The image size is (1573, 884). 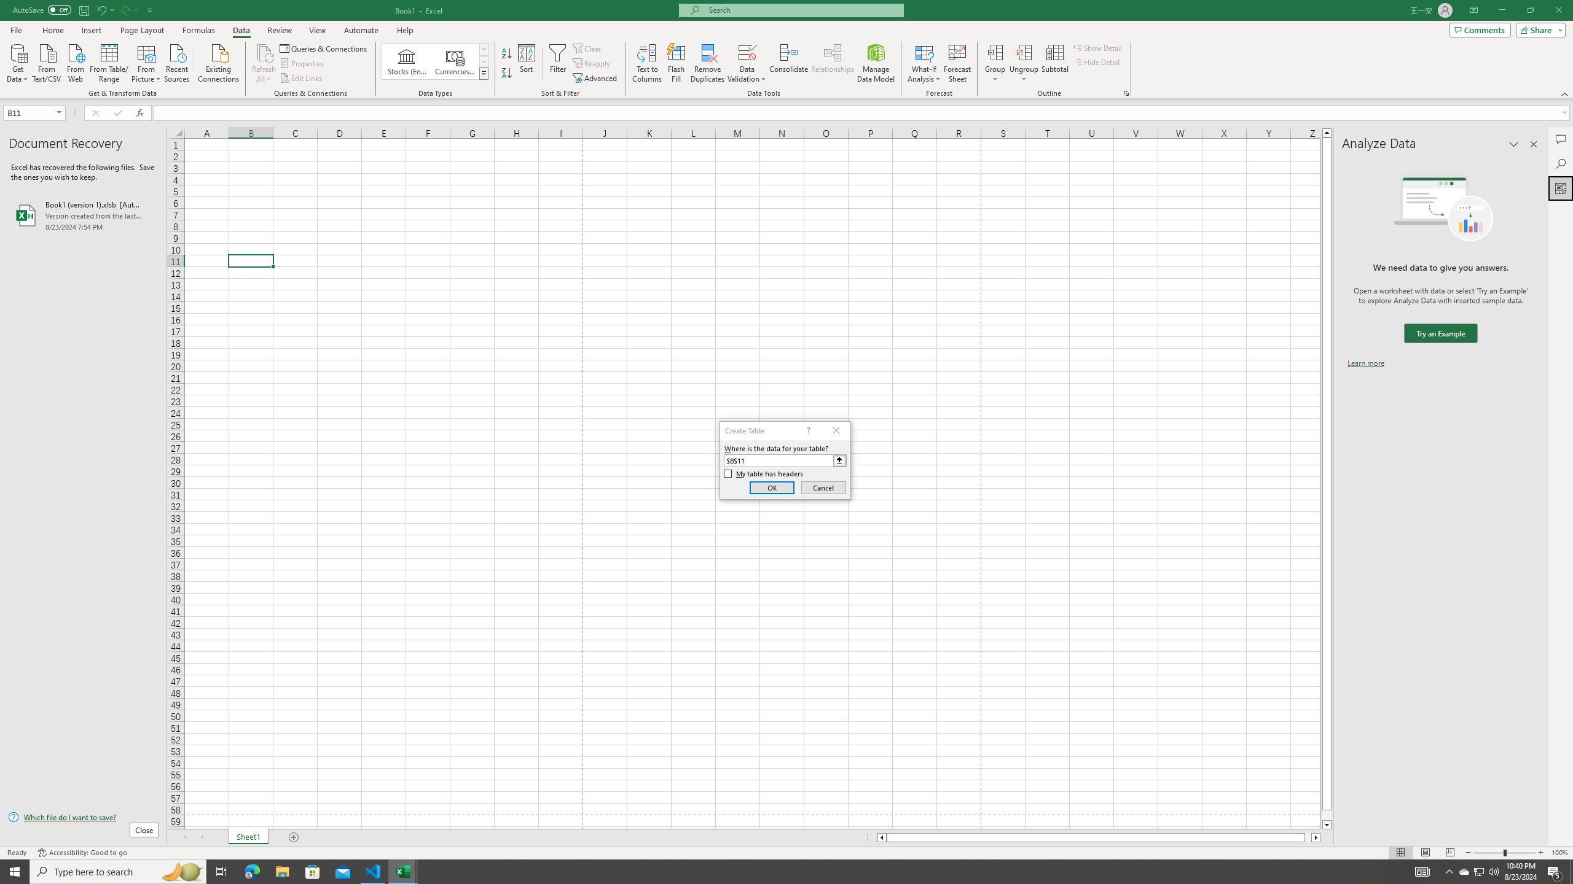 I want to click on 'Consolidate...', so click(x=788, y=63).